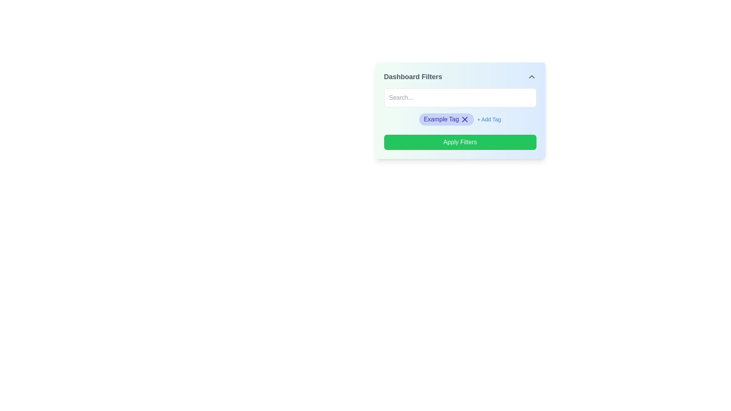 The image size is (731, 411). Describe the element at coordinates (460, 142) in the screenshot. I see `the 'Apply Filters' button, which is a horizontally elongated rectangular button with a green background and white text, located at the bottom of the 'Dashboard Filters' section` at that location.